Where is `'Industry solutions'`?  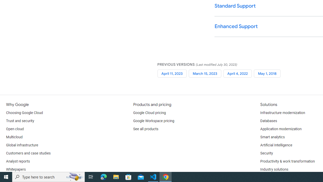
'Industry solutions' is located at coordinates (274, 170).